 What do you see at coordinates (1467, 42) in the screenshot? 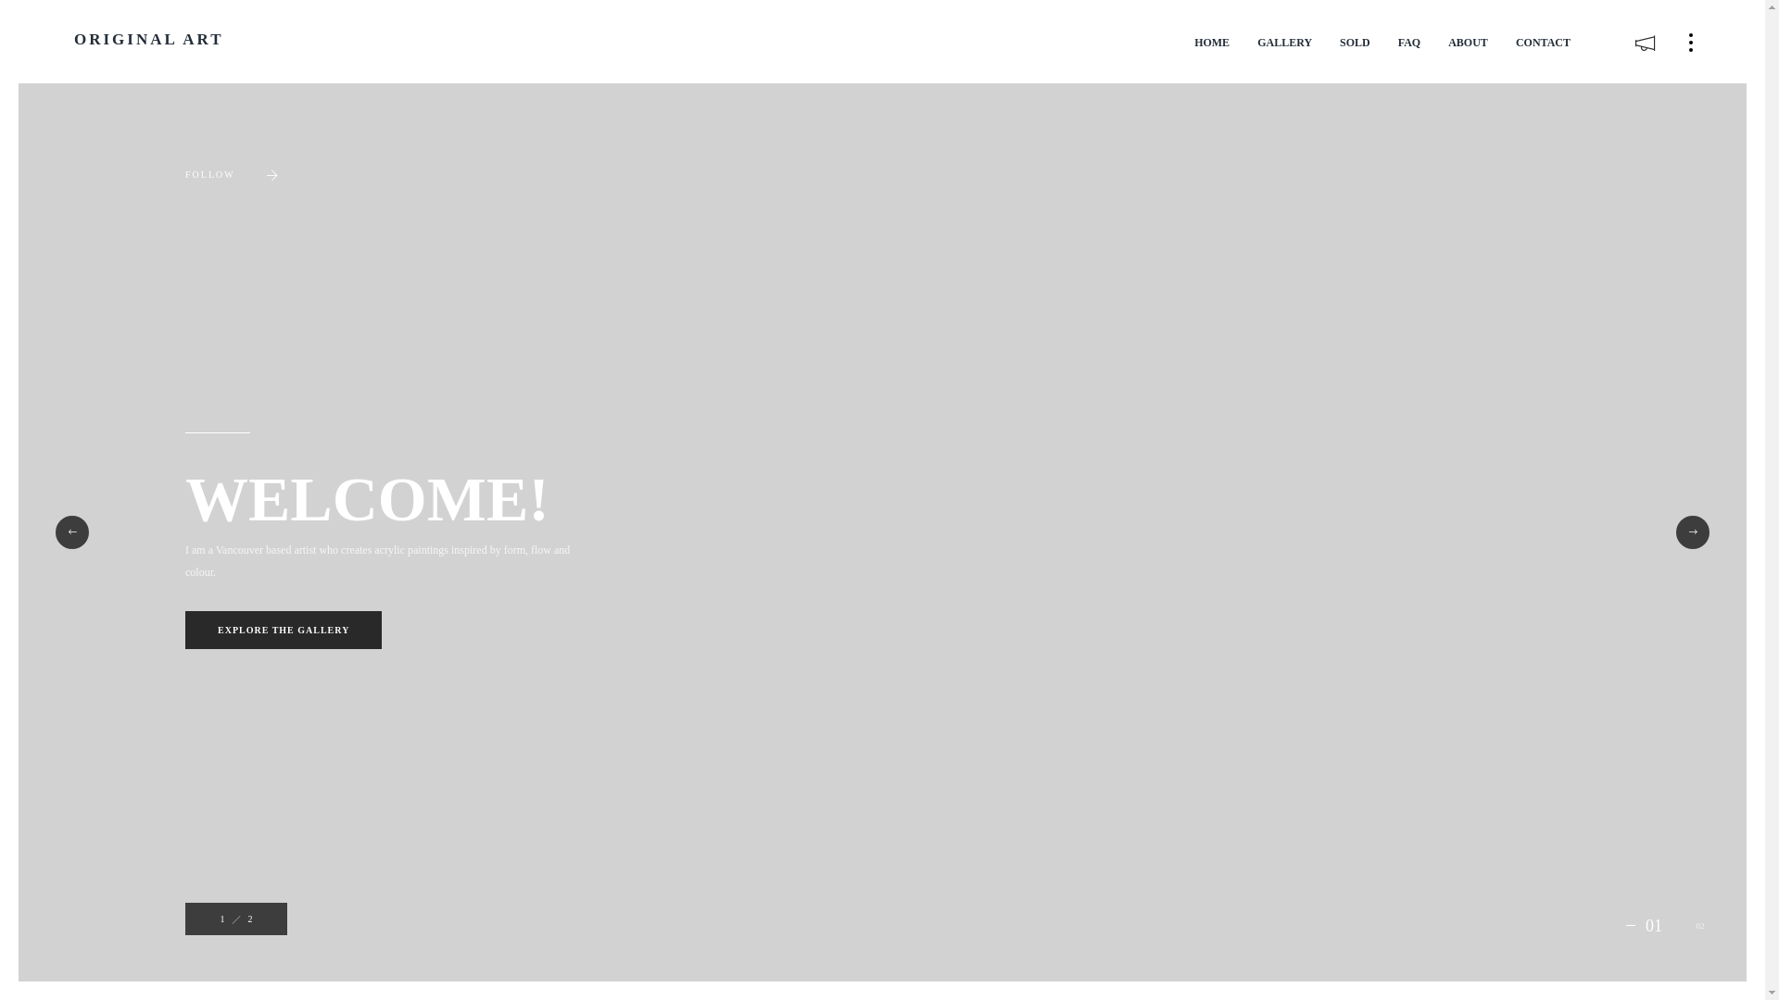
I see `'ABOUT'` at bounding box center [1467, 42].